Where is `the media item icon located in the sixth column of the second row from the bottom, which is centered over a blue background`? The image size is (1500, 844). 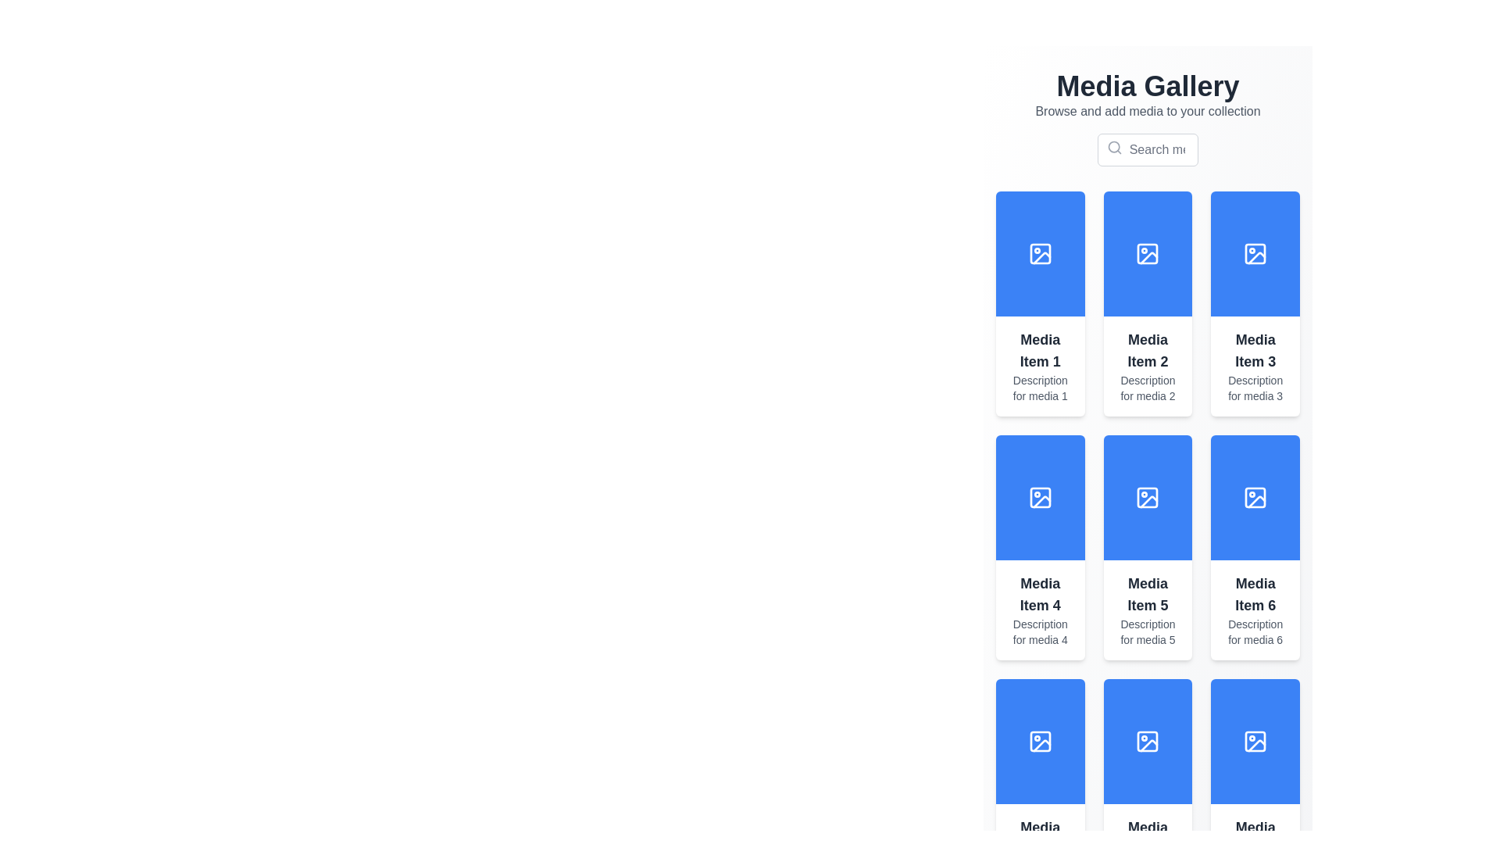
the media item icon located in the sixth column of the second row from the bottom, which is centered over a blue background is located at coordinates (1149, 745).